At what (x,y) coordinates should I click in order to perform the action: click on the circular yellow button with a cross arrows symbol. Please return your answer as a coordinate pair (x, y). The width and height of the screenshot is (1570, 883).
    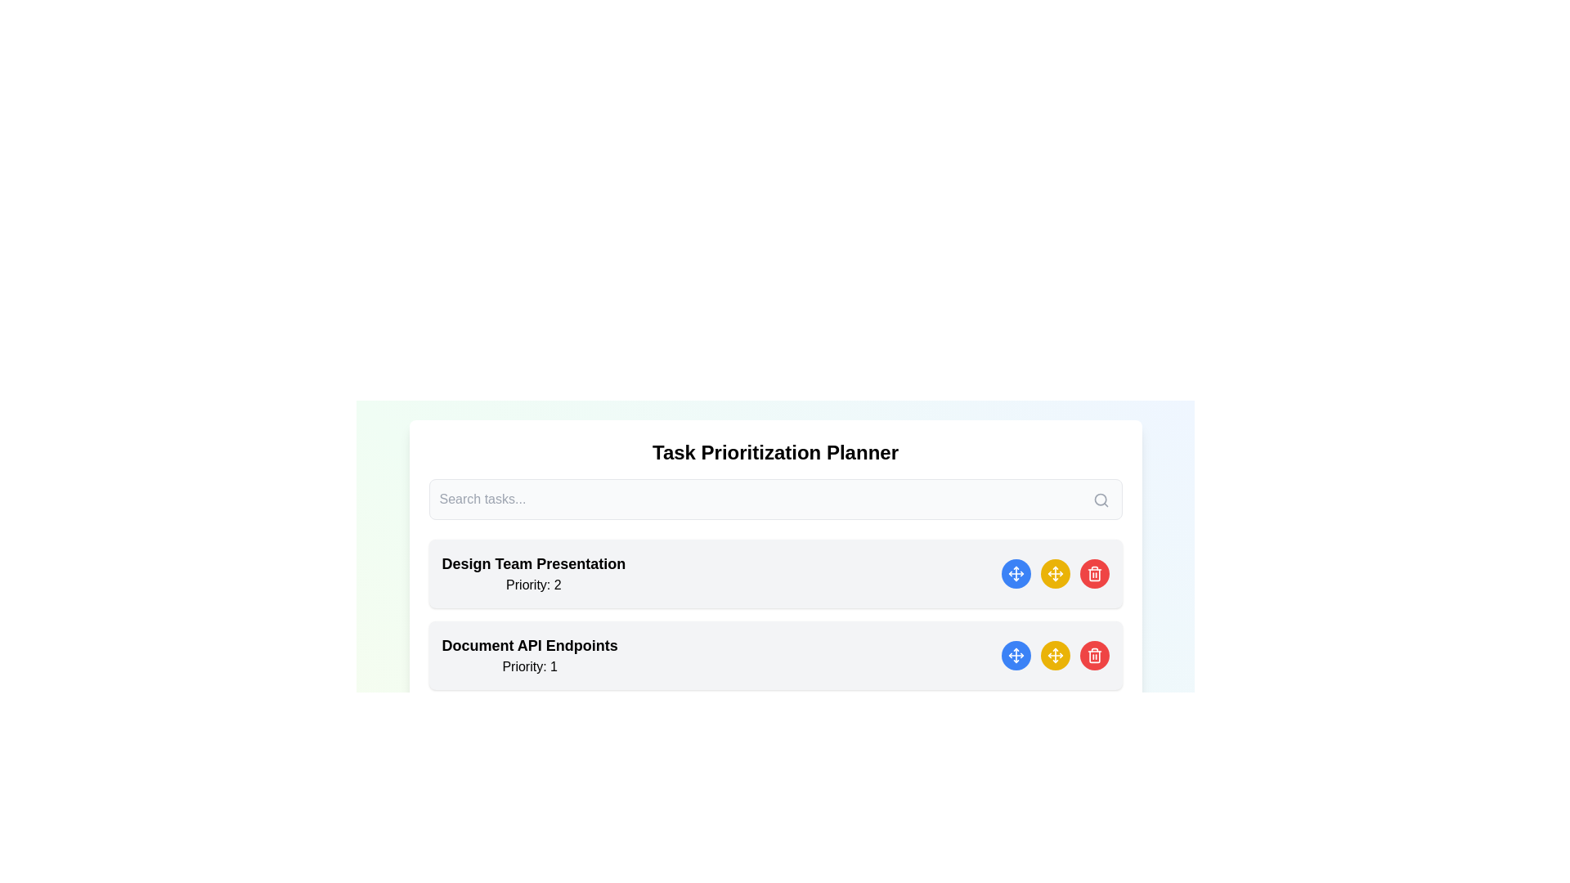
    Looking at the image, I should click on (1055, 573).